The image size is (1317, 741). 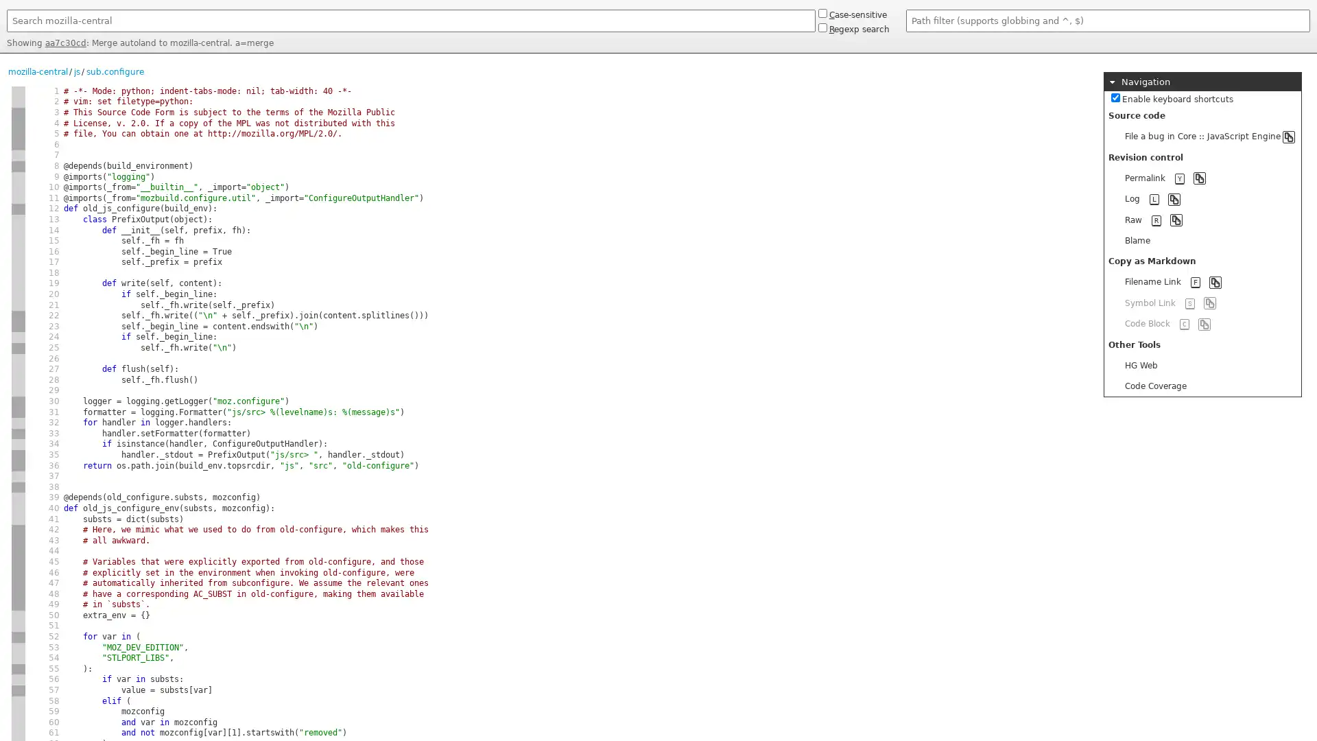 I want to click on new hash 6, so click(x=19, y=444).